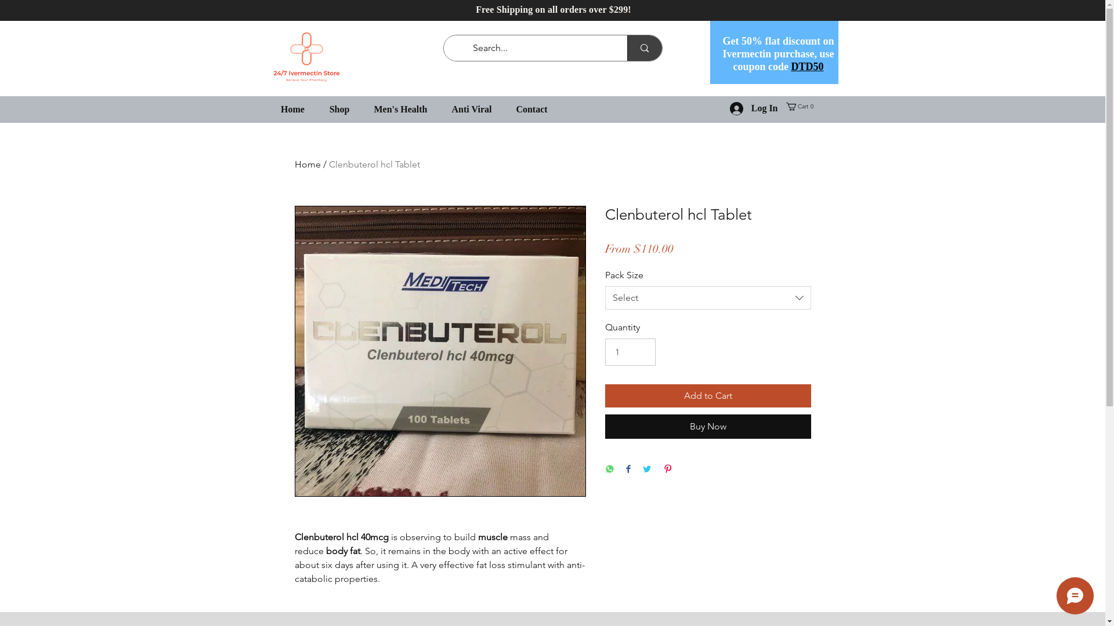  What do you see at coordinates (707, 297) in the screenshot?
I see `'Select'` at bounding box center [707, 297].